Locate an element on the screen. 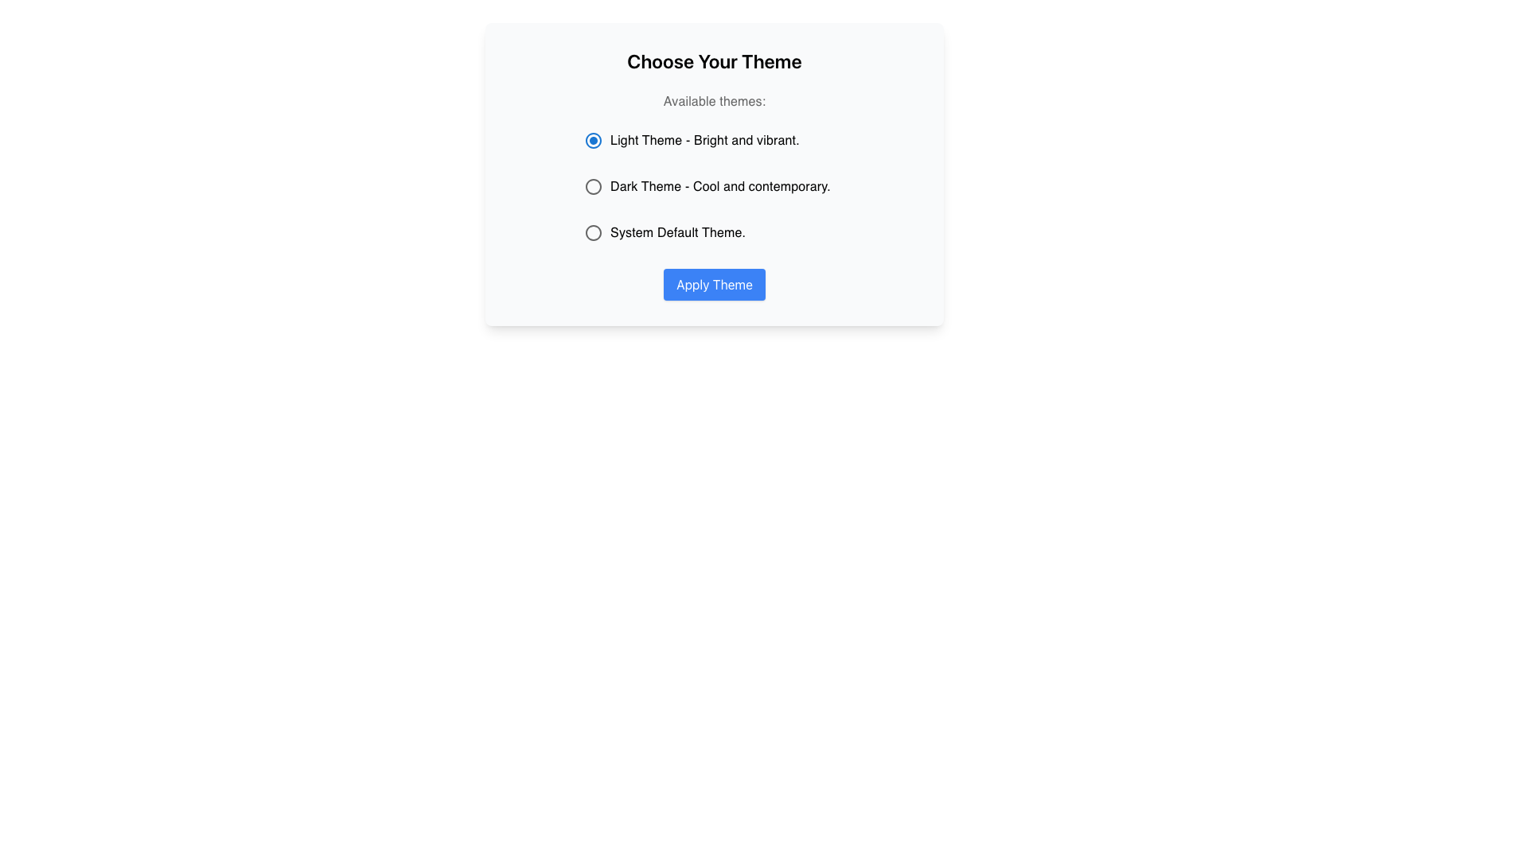 The image size is (1528, 859). the radio button for 'System Default Theme' is located at coordinates (593, 233).